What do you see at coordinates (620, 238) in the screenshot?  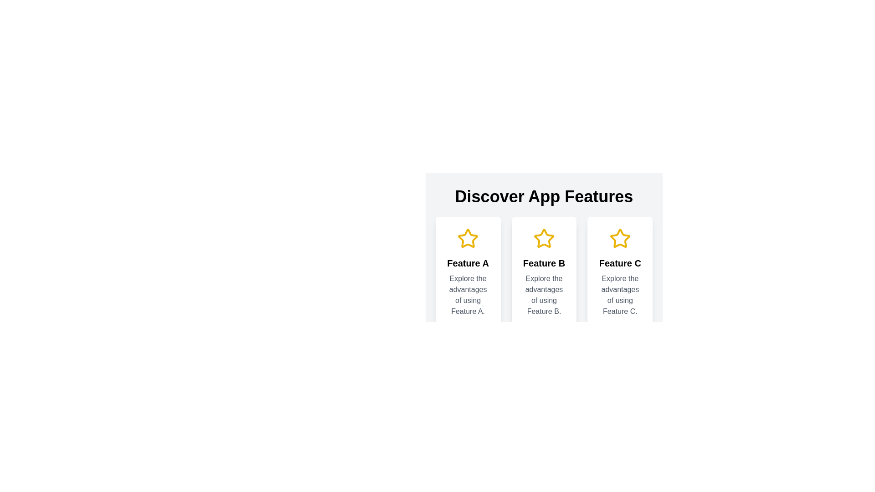 I see `the third star-shaped icon with a yellow border located above the text 'Feature C'` at bounding box center [620, 238].